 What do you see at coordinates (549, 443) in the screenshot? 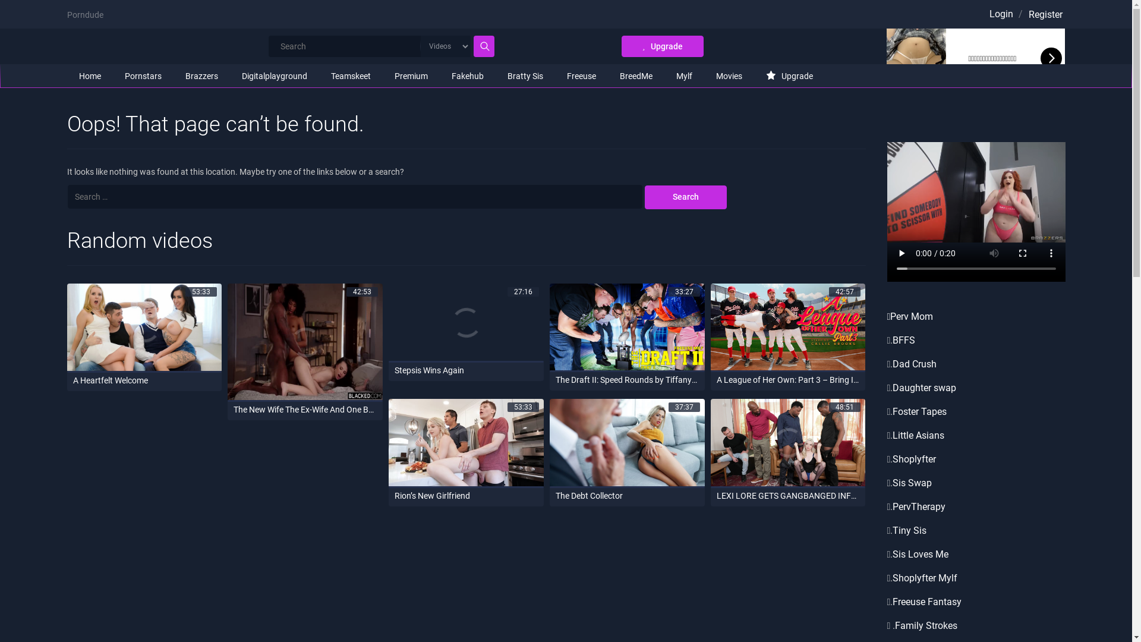
I see `'37:37'` at bounding box center [549, 443].